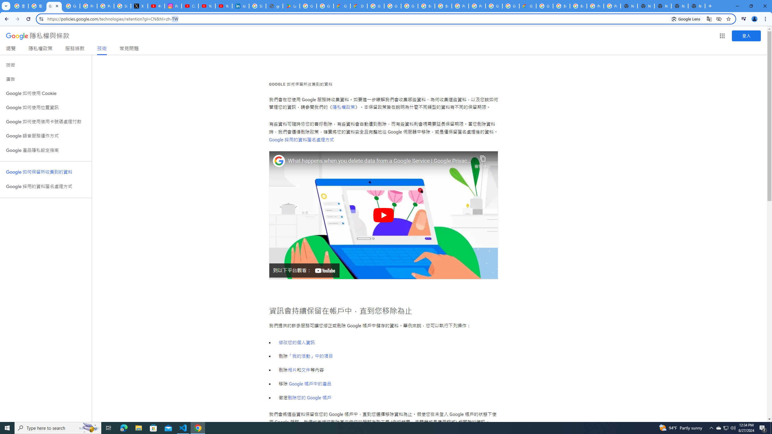 The width and height of the screenshot is (772, 434). I want to click on 'Chrome', so click(766, 19).